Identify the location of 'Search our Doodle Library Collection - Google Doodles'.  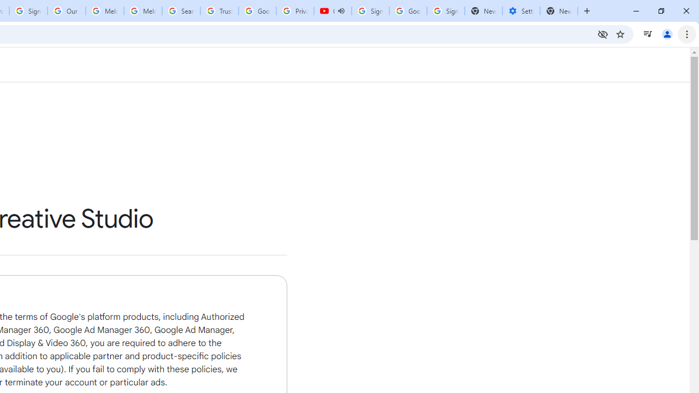
(181, 11).